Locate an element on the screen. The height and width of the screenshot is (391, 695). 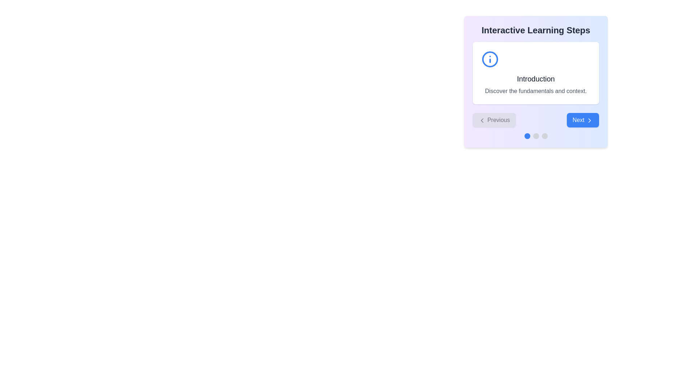
the left-facing chevron icon located beside the 'Previous' button in the 'Interactive Learning Steps' dialog box is located at coordinates (482, 119).